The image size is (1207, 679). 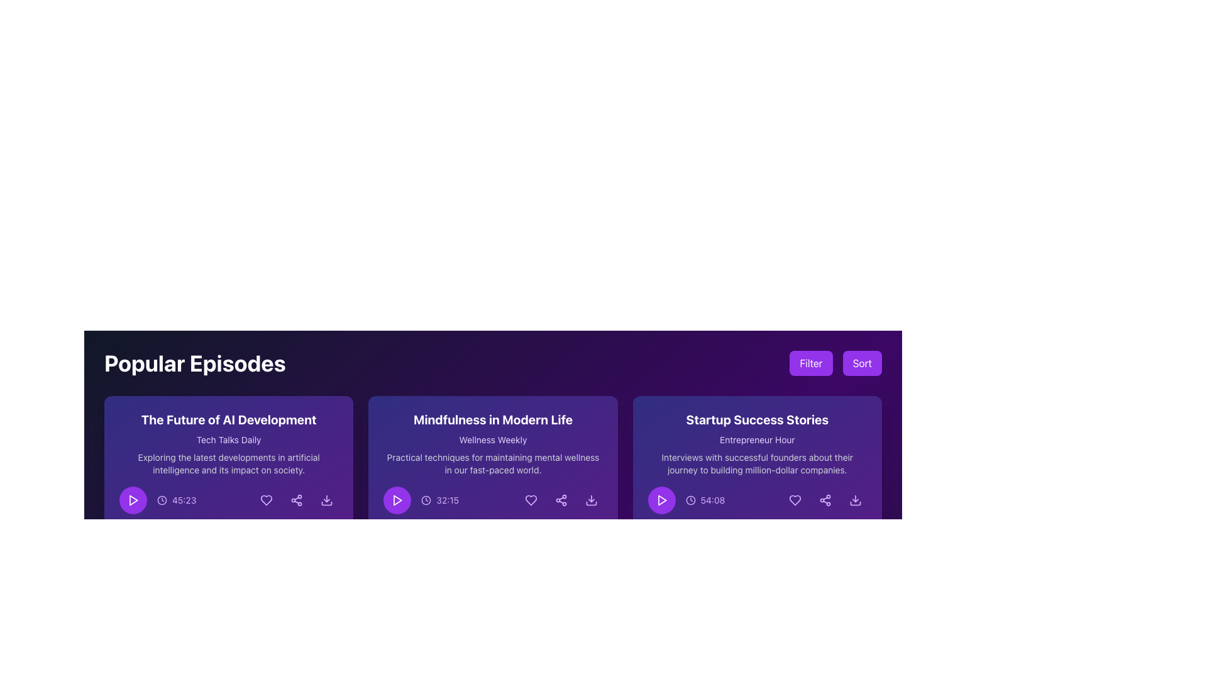 What do you see at coordinates (266, 499) in the screenshot?
I see `the heart-shaped 'like' icon` at bounding box center [266, 499].